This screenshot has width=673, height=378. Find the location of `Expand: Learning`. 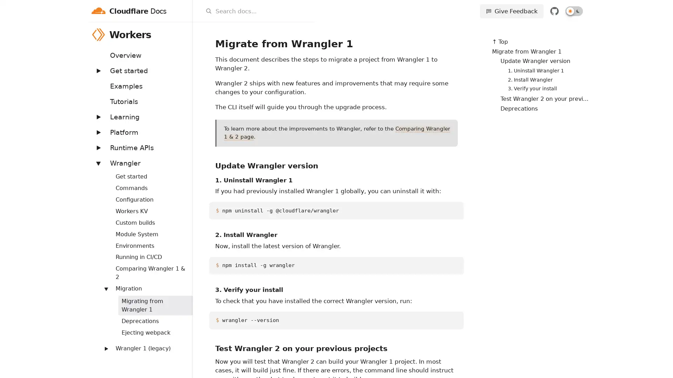

Expand: Learning is located at coordinates (97, 116).